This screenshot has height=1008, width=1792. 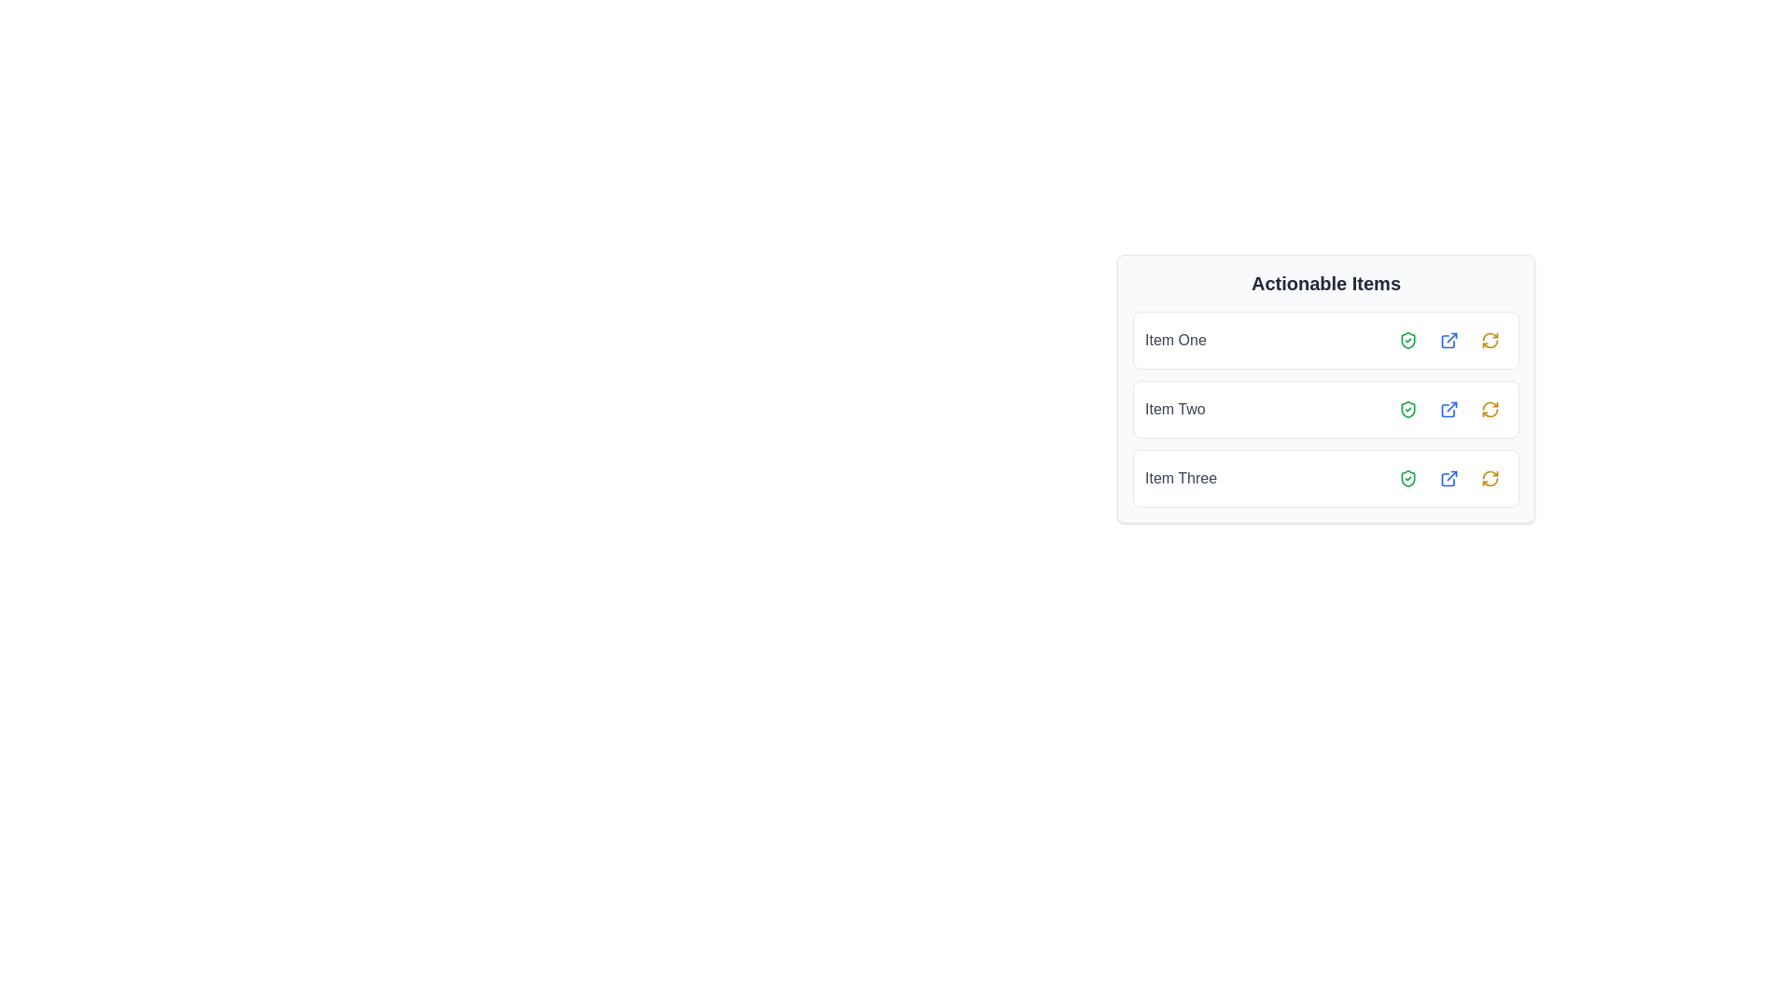 What do you see at coordinates (1490, 341) in the screenshot?
I see `the refresh icon button located to the far right of the action buttons for 'Item One' in the 'Actionable Items' table` at bounding box center [1490, 341].